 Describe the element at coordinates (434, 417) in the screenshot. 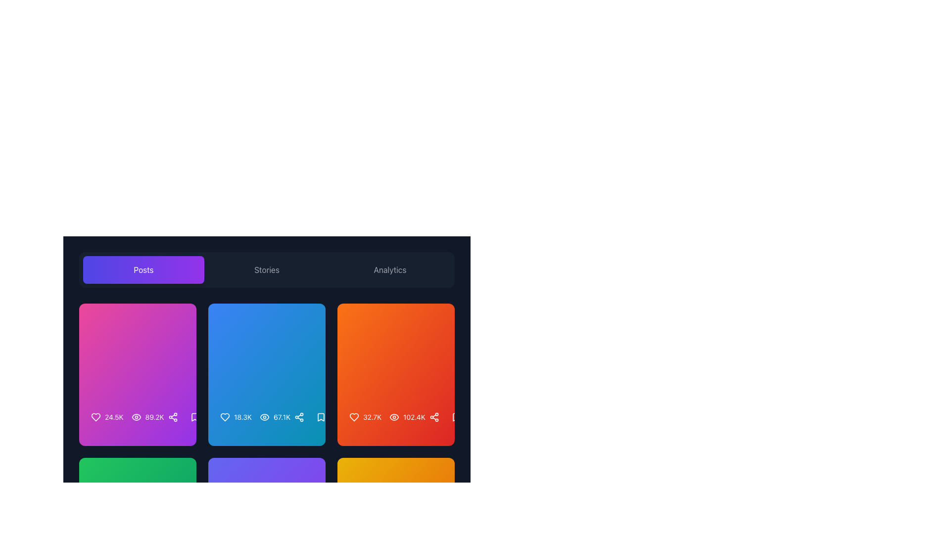

I see `the share icon located in the bottom right corner of the orange card on the second row, adjacent to the heart, eye, and bookmark icons, to share the content` at that location.